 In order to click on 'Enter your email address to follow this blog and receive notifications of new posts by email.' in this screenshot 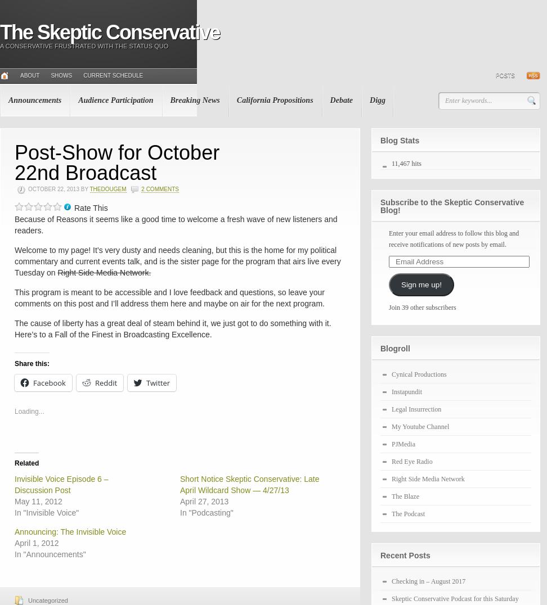, I will do `click(388, 239)`.